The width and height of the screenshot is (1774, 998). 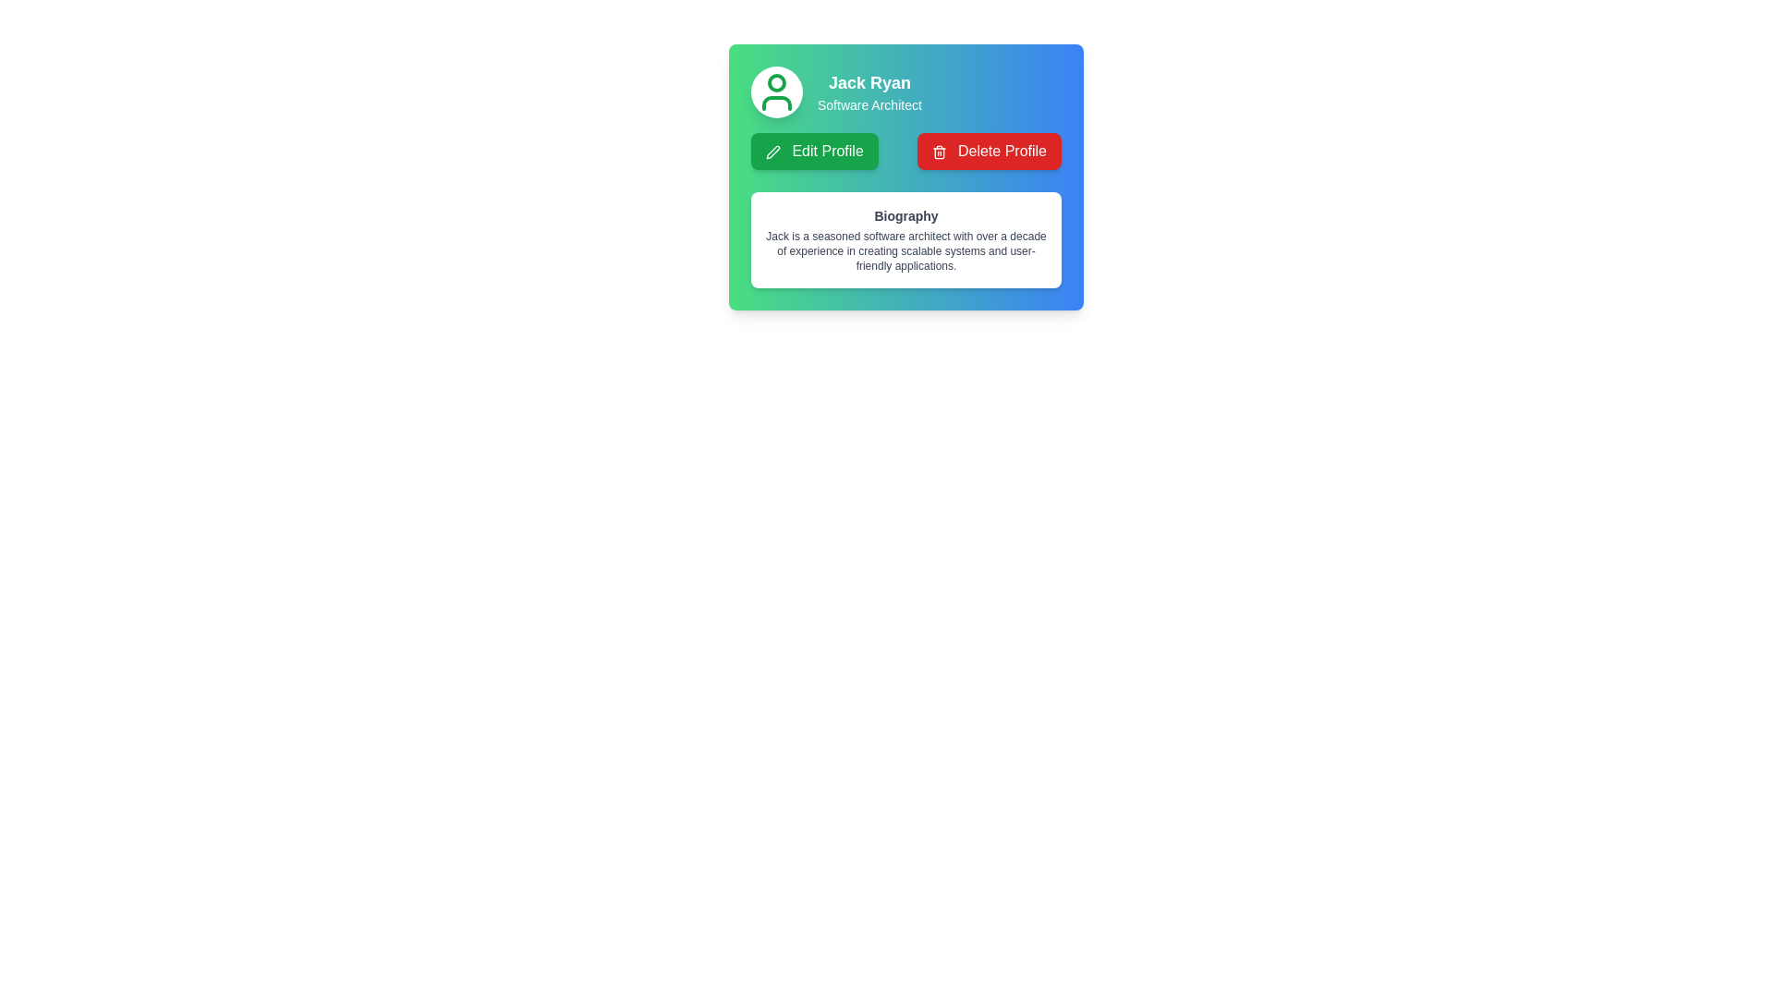 What do you see at coordinates (869, 105) in the screenshot?
I see `the text display that reads 'Software Architect', located below 'Jack Ryan' within the profile card layout` at bounding box center [869, 105].